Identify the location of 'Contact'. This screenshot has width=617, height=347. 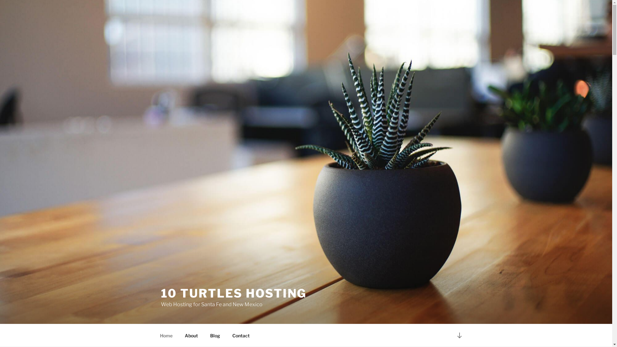
(241, 335).